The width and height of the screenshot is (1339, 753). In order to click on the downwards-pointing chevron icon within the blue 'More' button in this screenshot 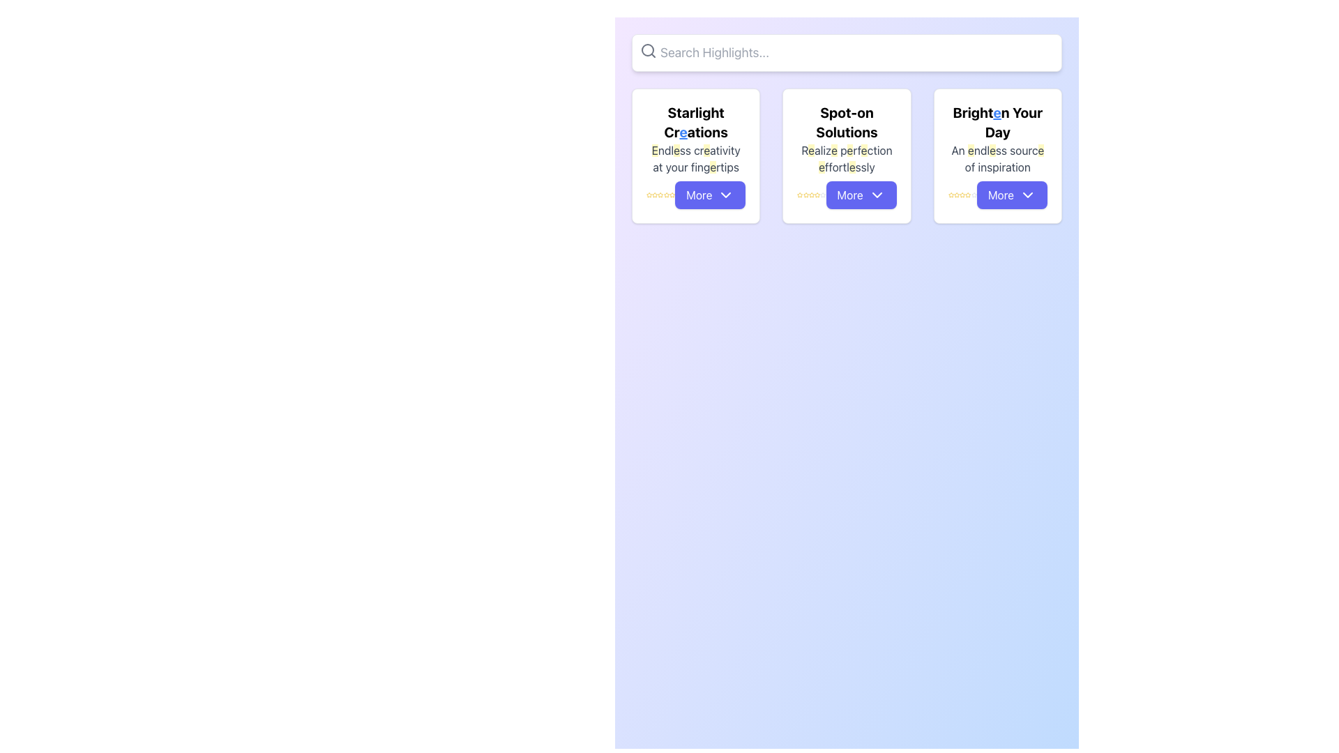, I will do `click(876, 195)`.